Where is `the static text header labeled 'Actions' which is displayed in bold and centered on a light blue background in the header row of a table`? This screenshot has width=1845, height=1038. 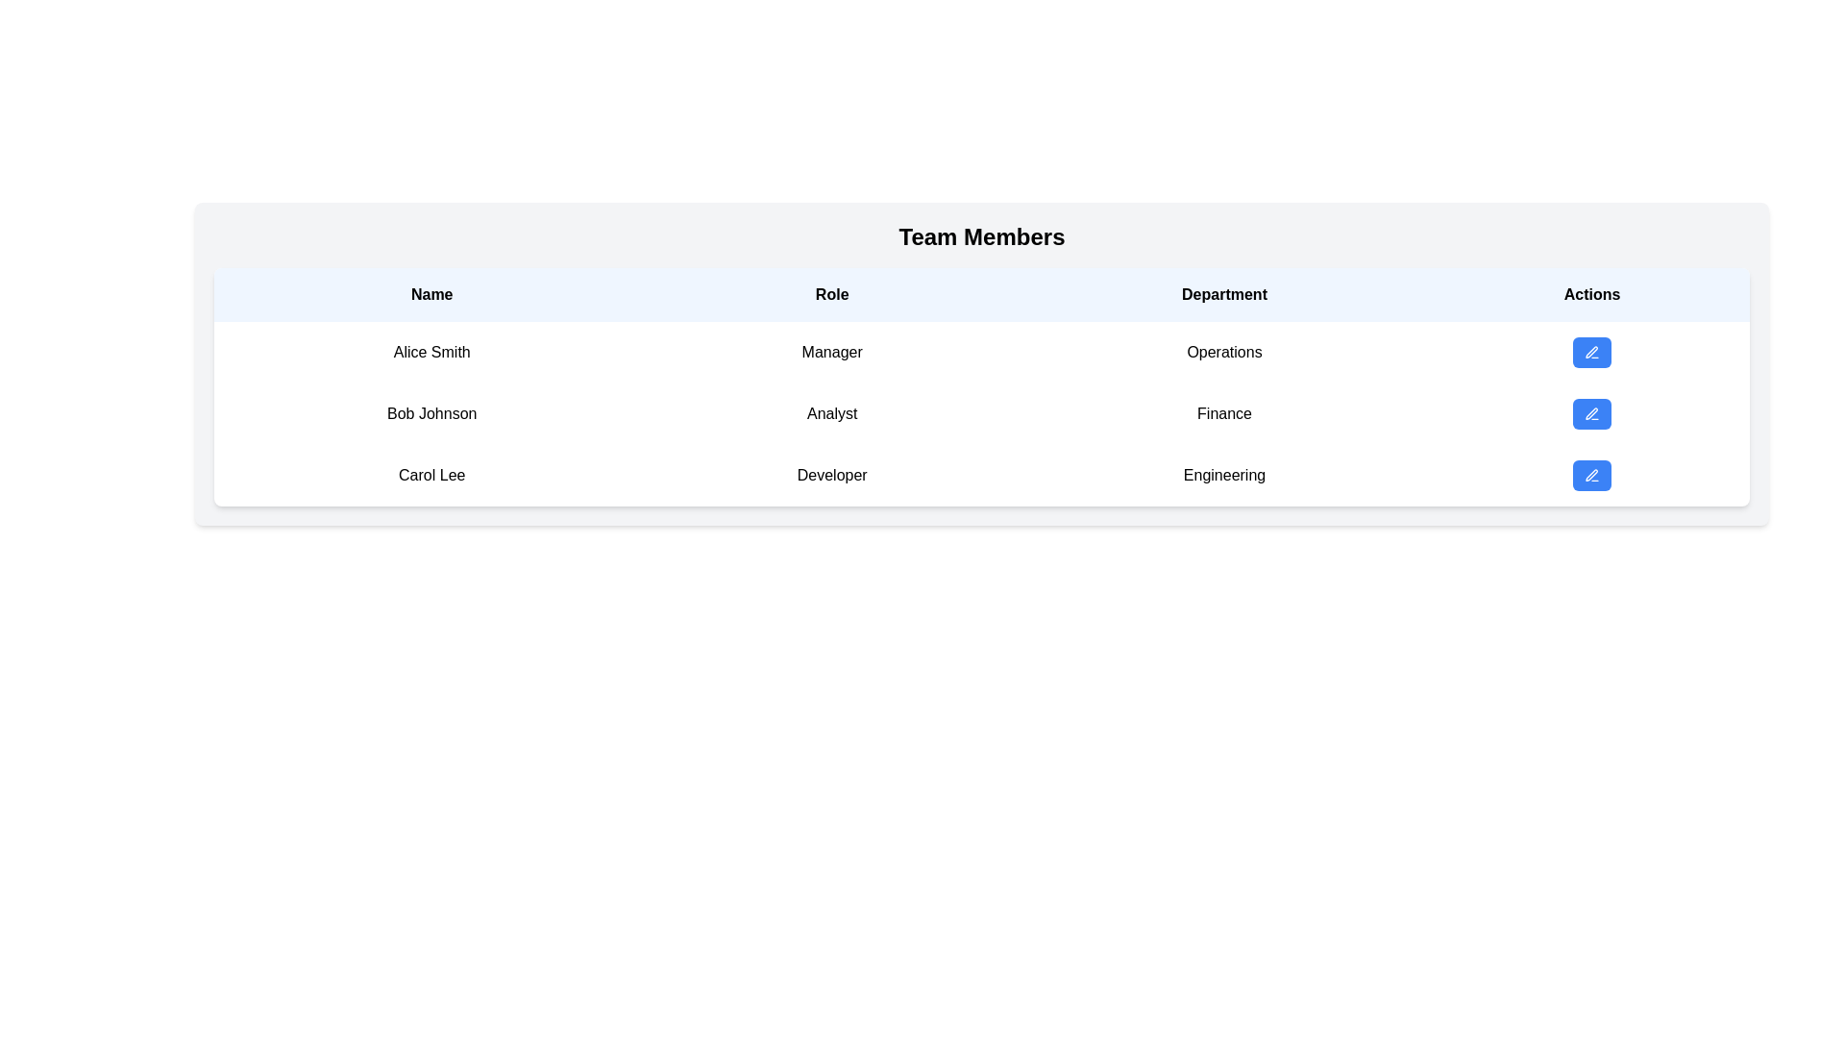
the static text header labeled 'Actions' which is displayed in bold and centered on a light blue background in the header row of a table is located at coordinates (1591, 295).